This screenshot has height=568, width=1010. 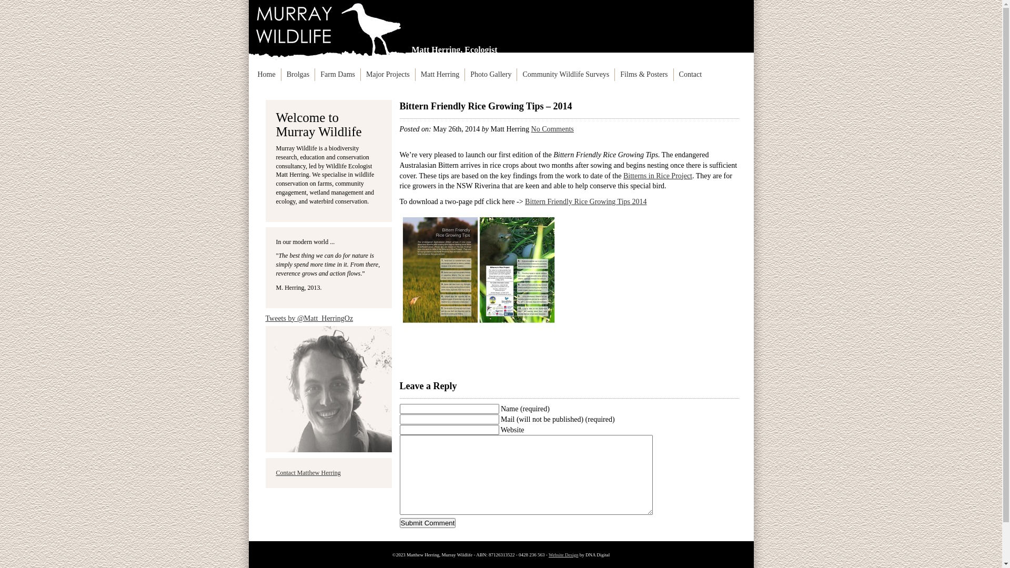 What do you see at coordinates (267, 74) in the screenshot?
I see `'Home'` at bounding box center [267, 74].